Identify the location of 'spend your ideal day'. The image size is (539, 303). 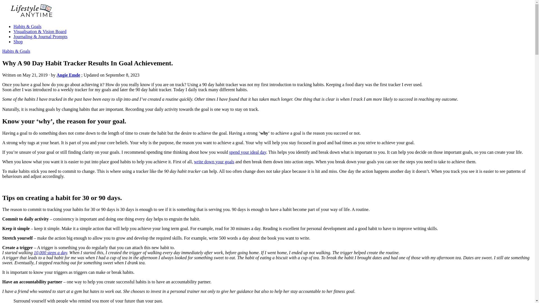
(247, 152).